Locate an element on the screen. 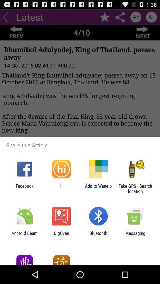  the app next to add to wanelo icon is located at coordinates (61, 188).